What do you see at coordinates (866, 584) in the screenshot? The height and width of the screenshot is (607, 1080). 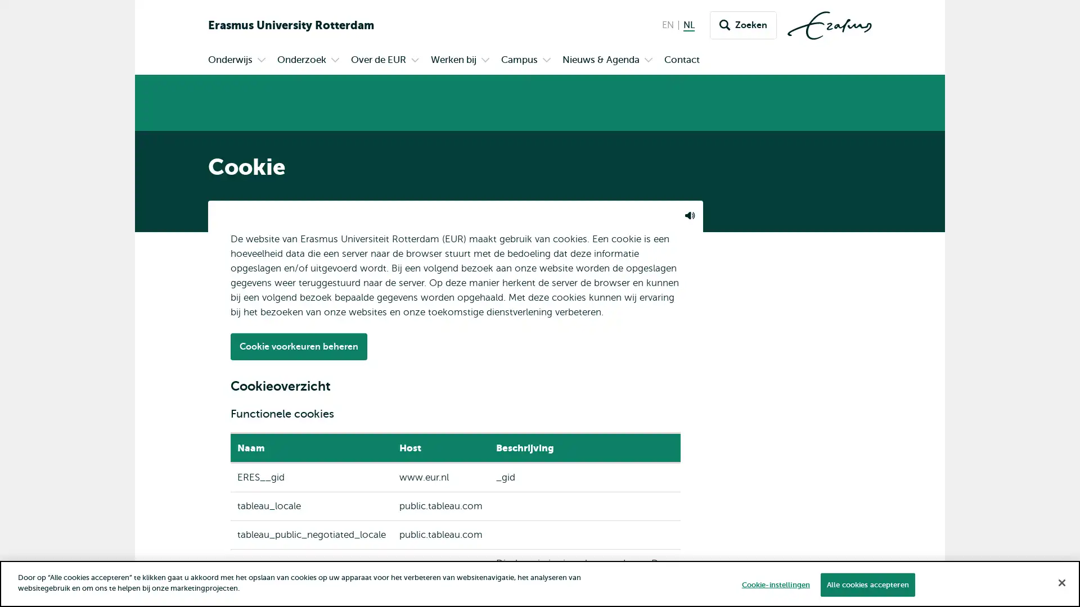 I see `Alle cookies accepteren` at bounding box center [866, 584].